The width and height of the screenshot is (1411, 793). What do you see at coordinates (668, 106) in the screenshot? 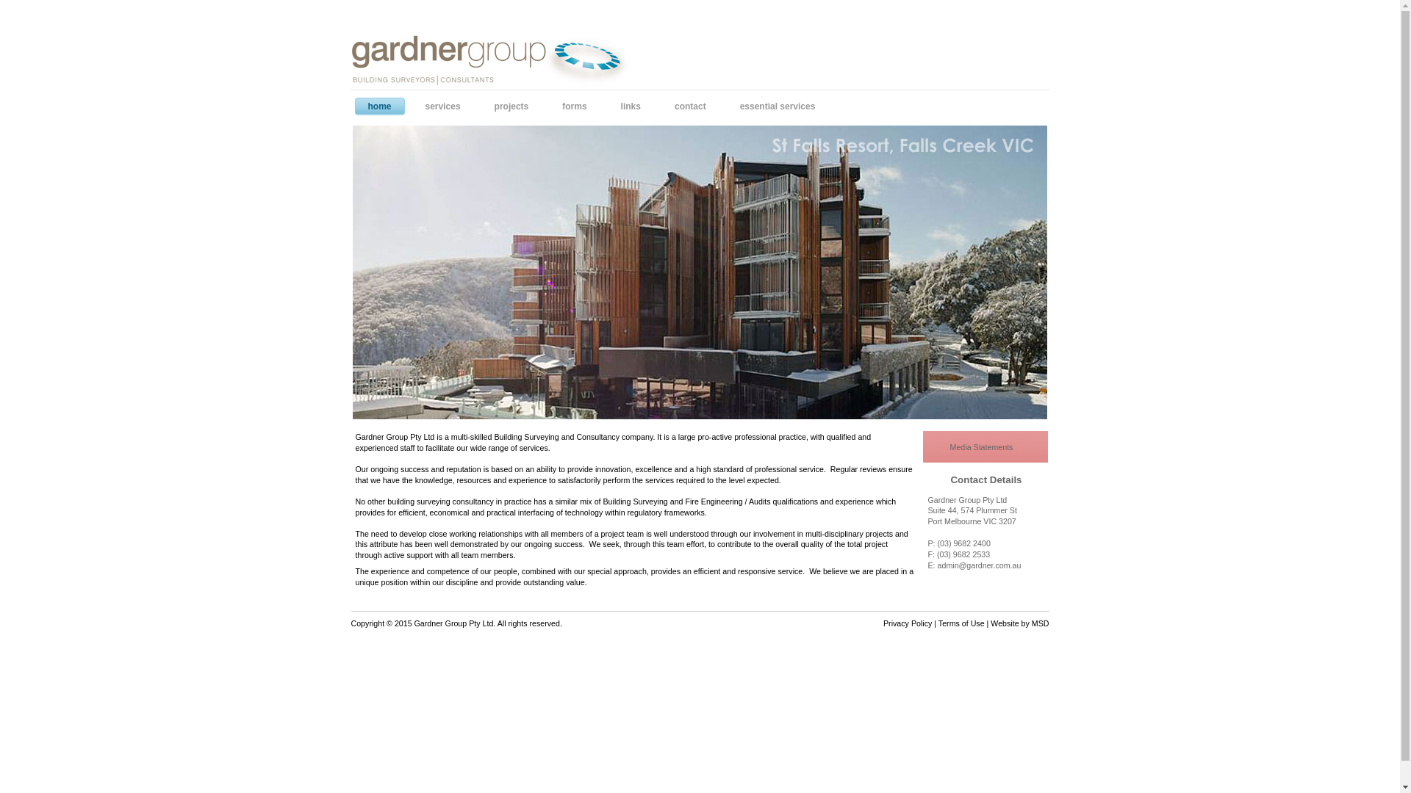
I see `'contact'` at bounding box center [668, 106].